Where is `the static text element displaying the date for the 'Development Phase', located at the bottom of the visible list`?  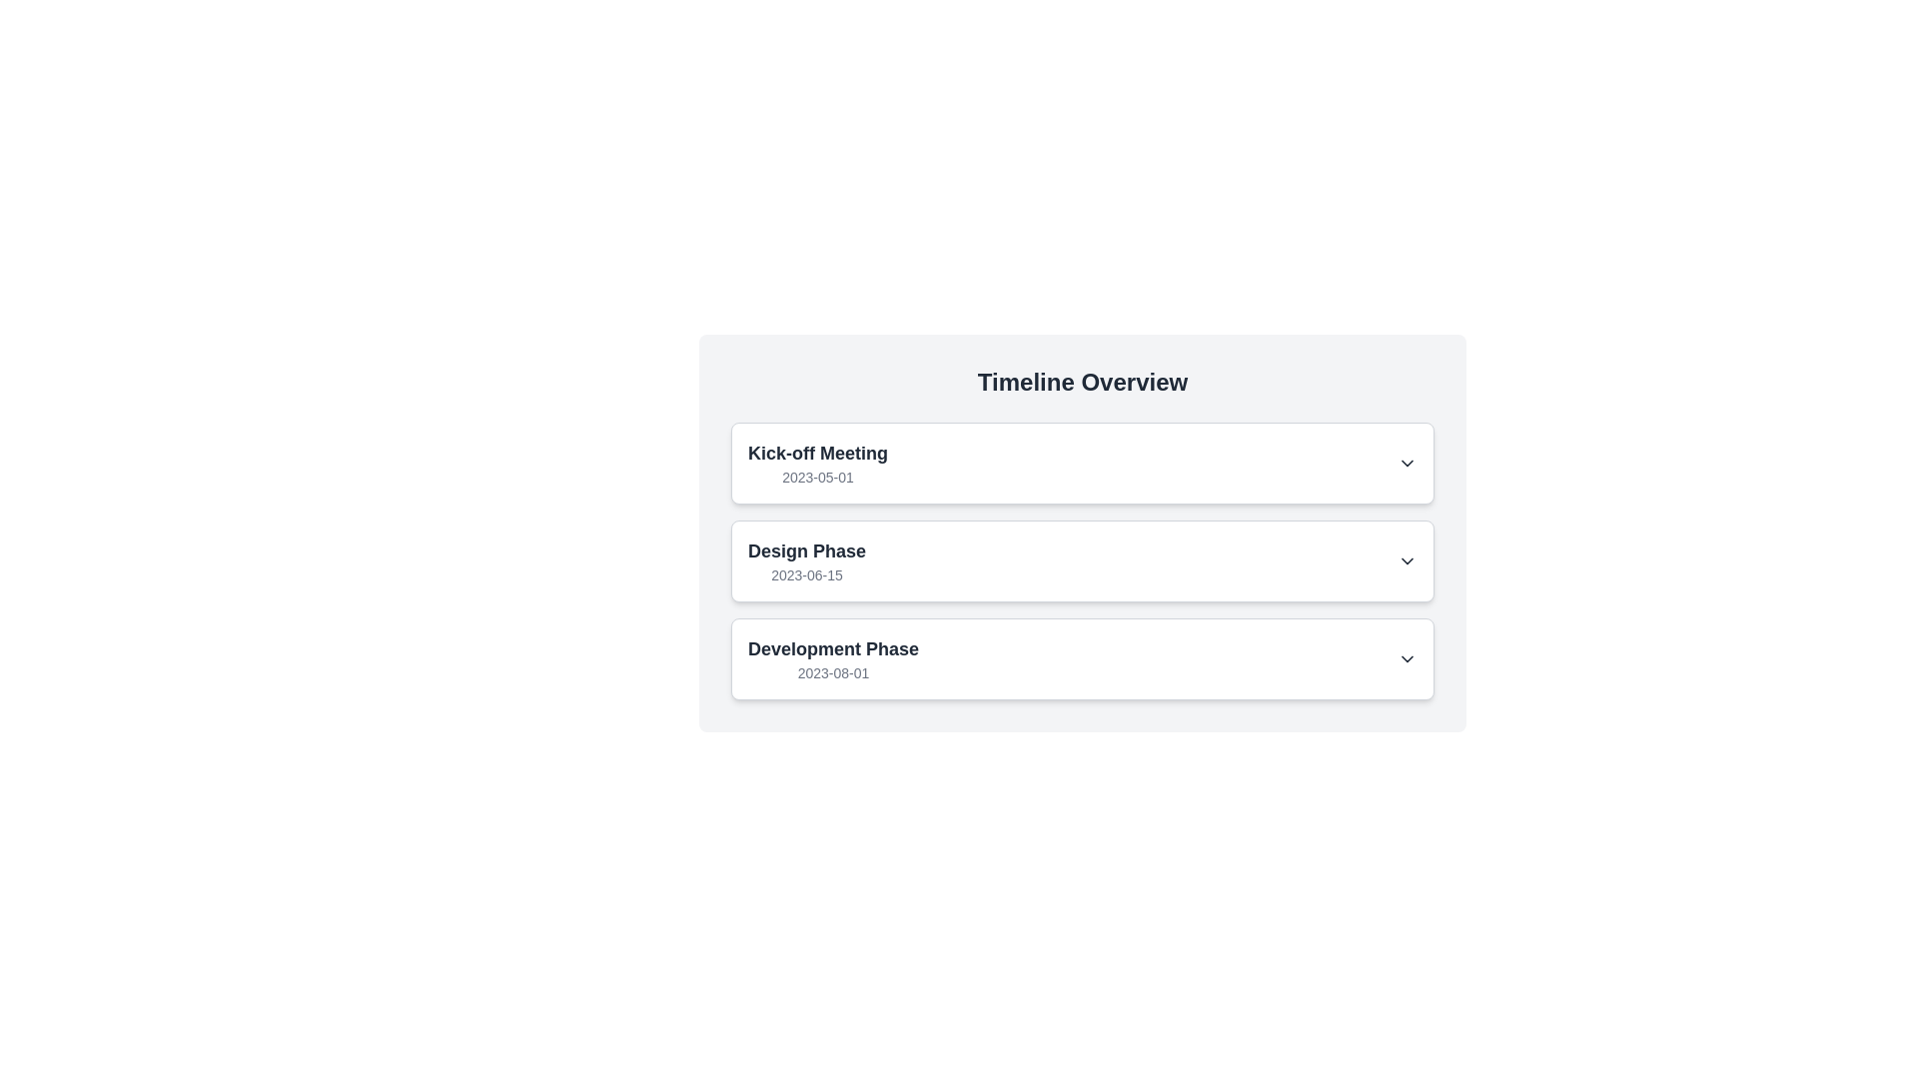
the static text element displaying the date for the 'Development Phase', located at the bottom of the visible list is located at coordinates (833, 673).